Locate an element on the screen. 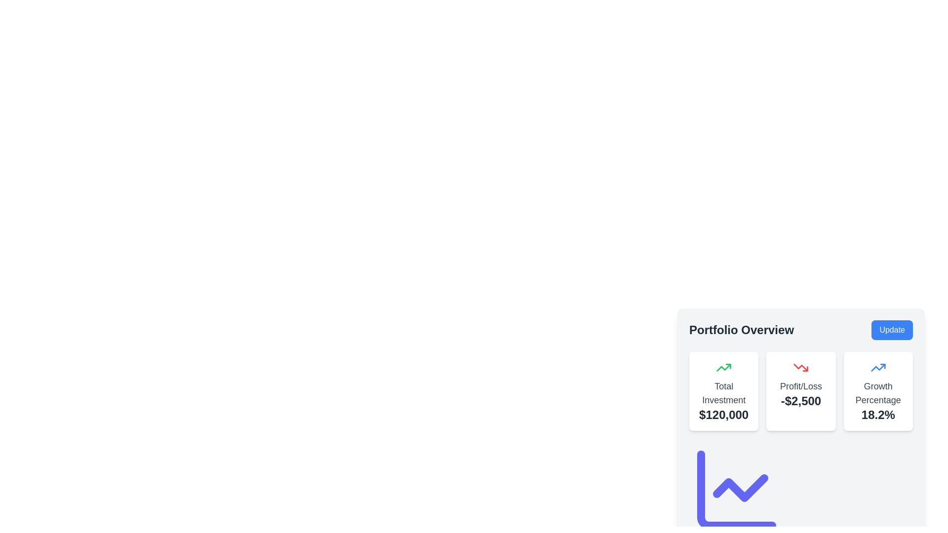 The width and height of the screenshot is (948, 533). the 'Update' button located in the top-right corner of the 'Portfolio Overview' section is located at coordinates (892, 330).